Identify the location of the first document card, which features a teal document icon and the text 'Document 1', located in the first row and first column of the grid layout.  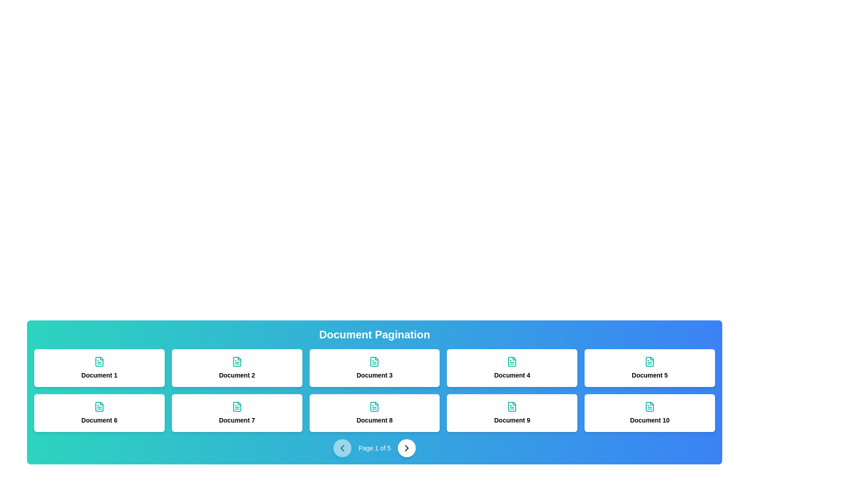
(99, 368).